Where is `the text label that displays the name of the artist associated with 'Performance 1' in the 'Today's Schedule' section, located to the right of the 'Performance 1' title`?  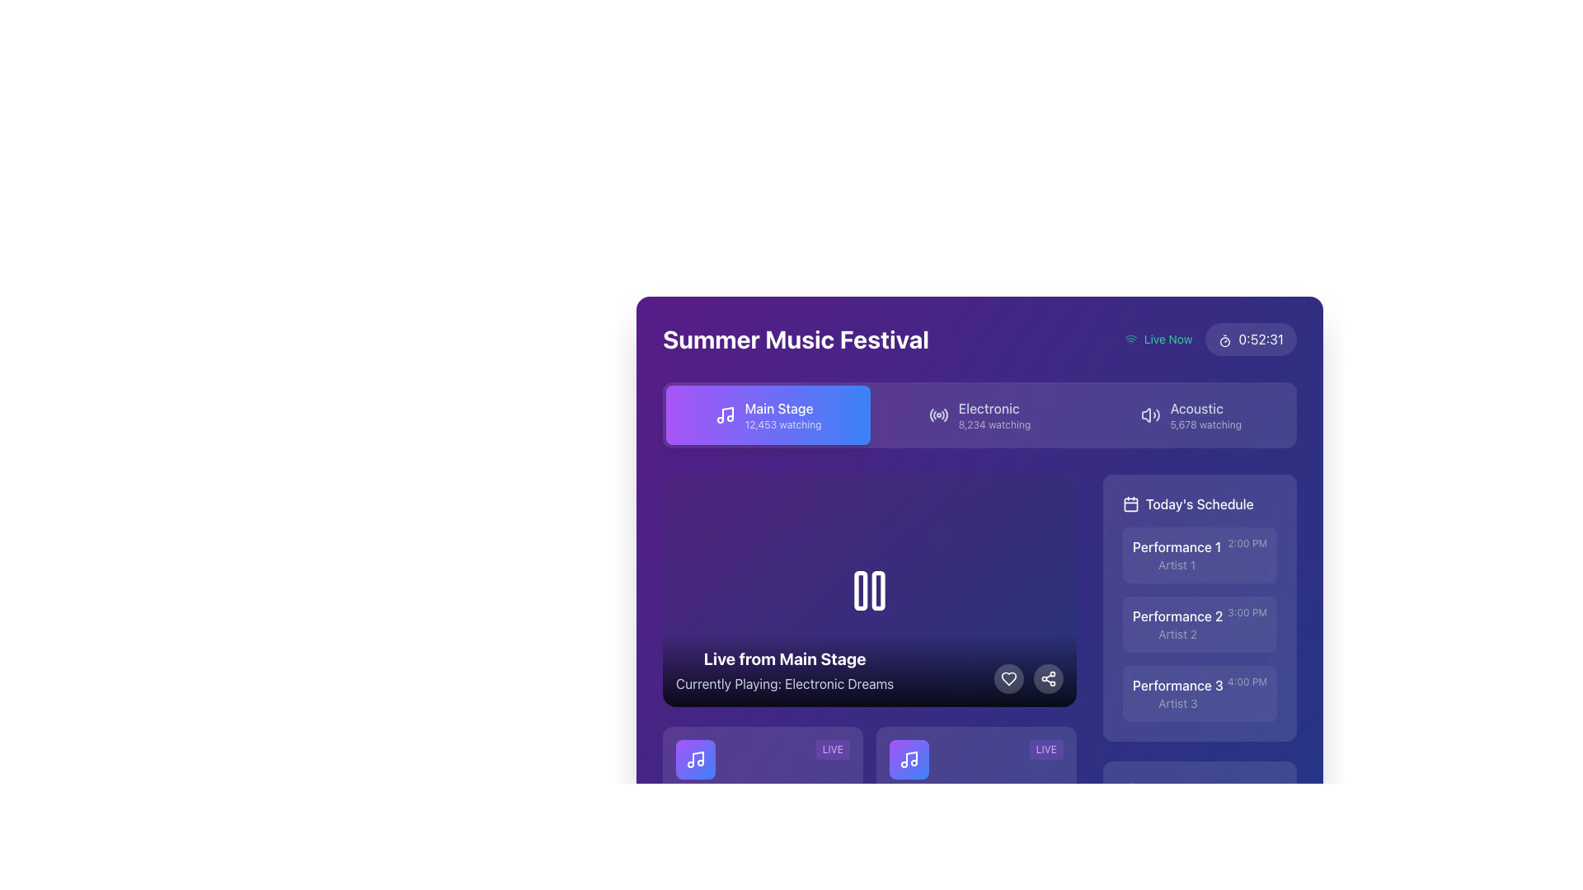 the text label that displays the name of the artist associated with 'Performance 1' in the 'Today's Schedule' section, located to the right of the 'Performance 1' title is located at coordinates (1176, 564).